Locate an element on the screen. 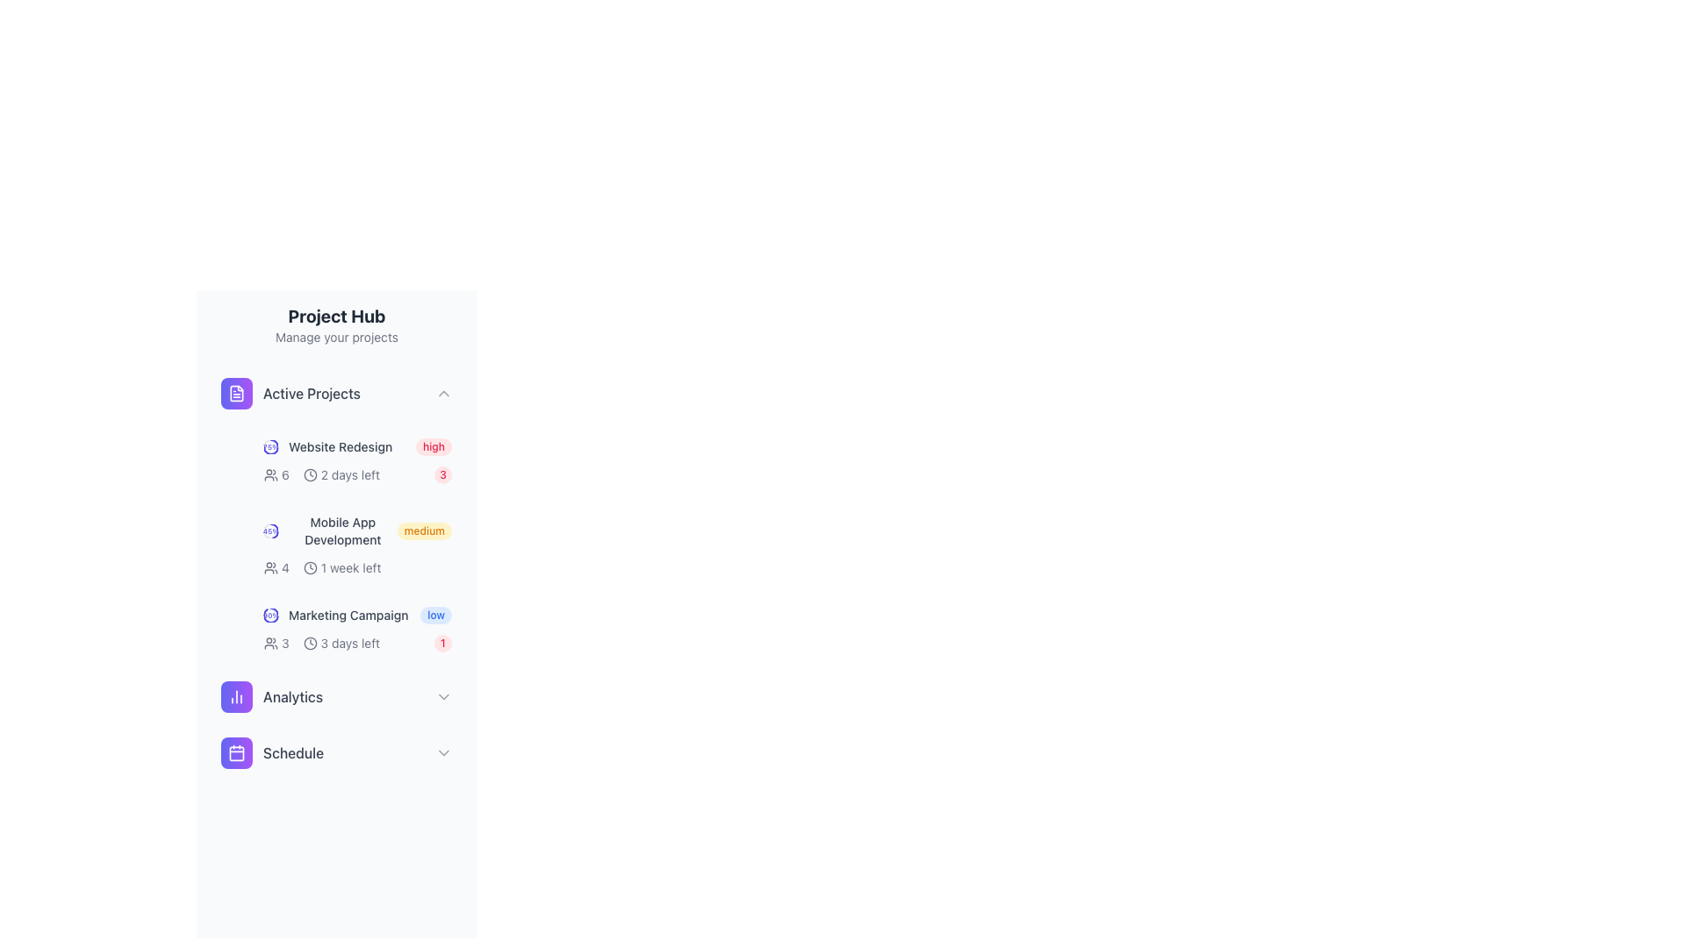 This screenshot has height=947, width=1685. the text label displaying the number '3' in gray font, which is positioned within the 'Marketing Campaign' project under 'Active Projects', to the left of '3 days left' is located at coordinates (276, 643).